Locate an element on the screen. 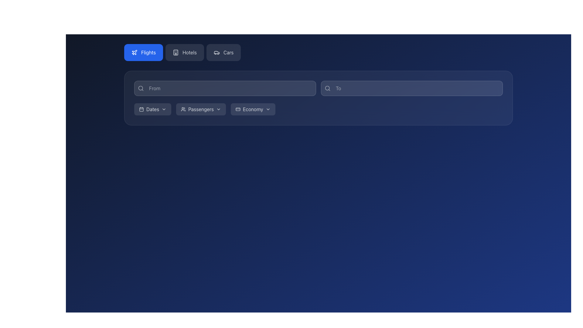 The image size is (583, 328). the plane icon located within the 'Flights' button at the top left corner of the application is located at coordinates (134, 52).